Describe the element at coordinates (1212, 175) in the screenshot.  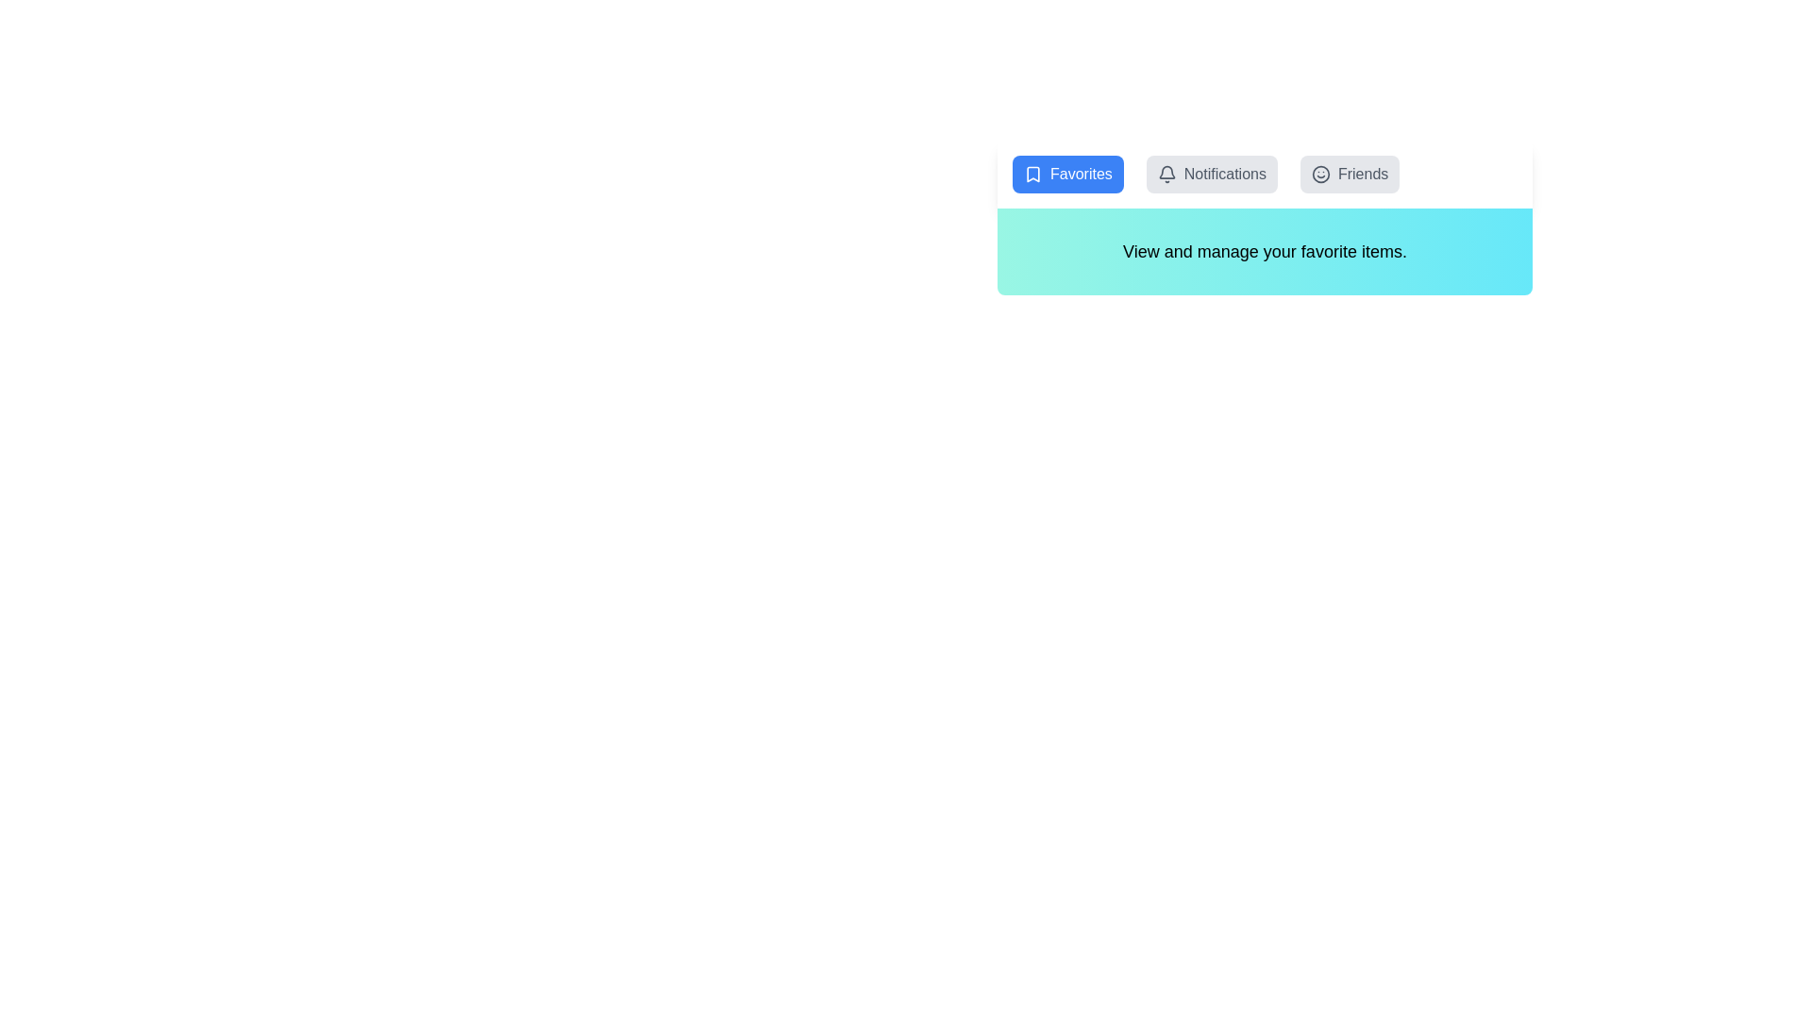
I see `the Notifications tab to observe its hover effect` at that location.